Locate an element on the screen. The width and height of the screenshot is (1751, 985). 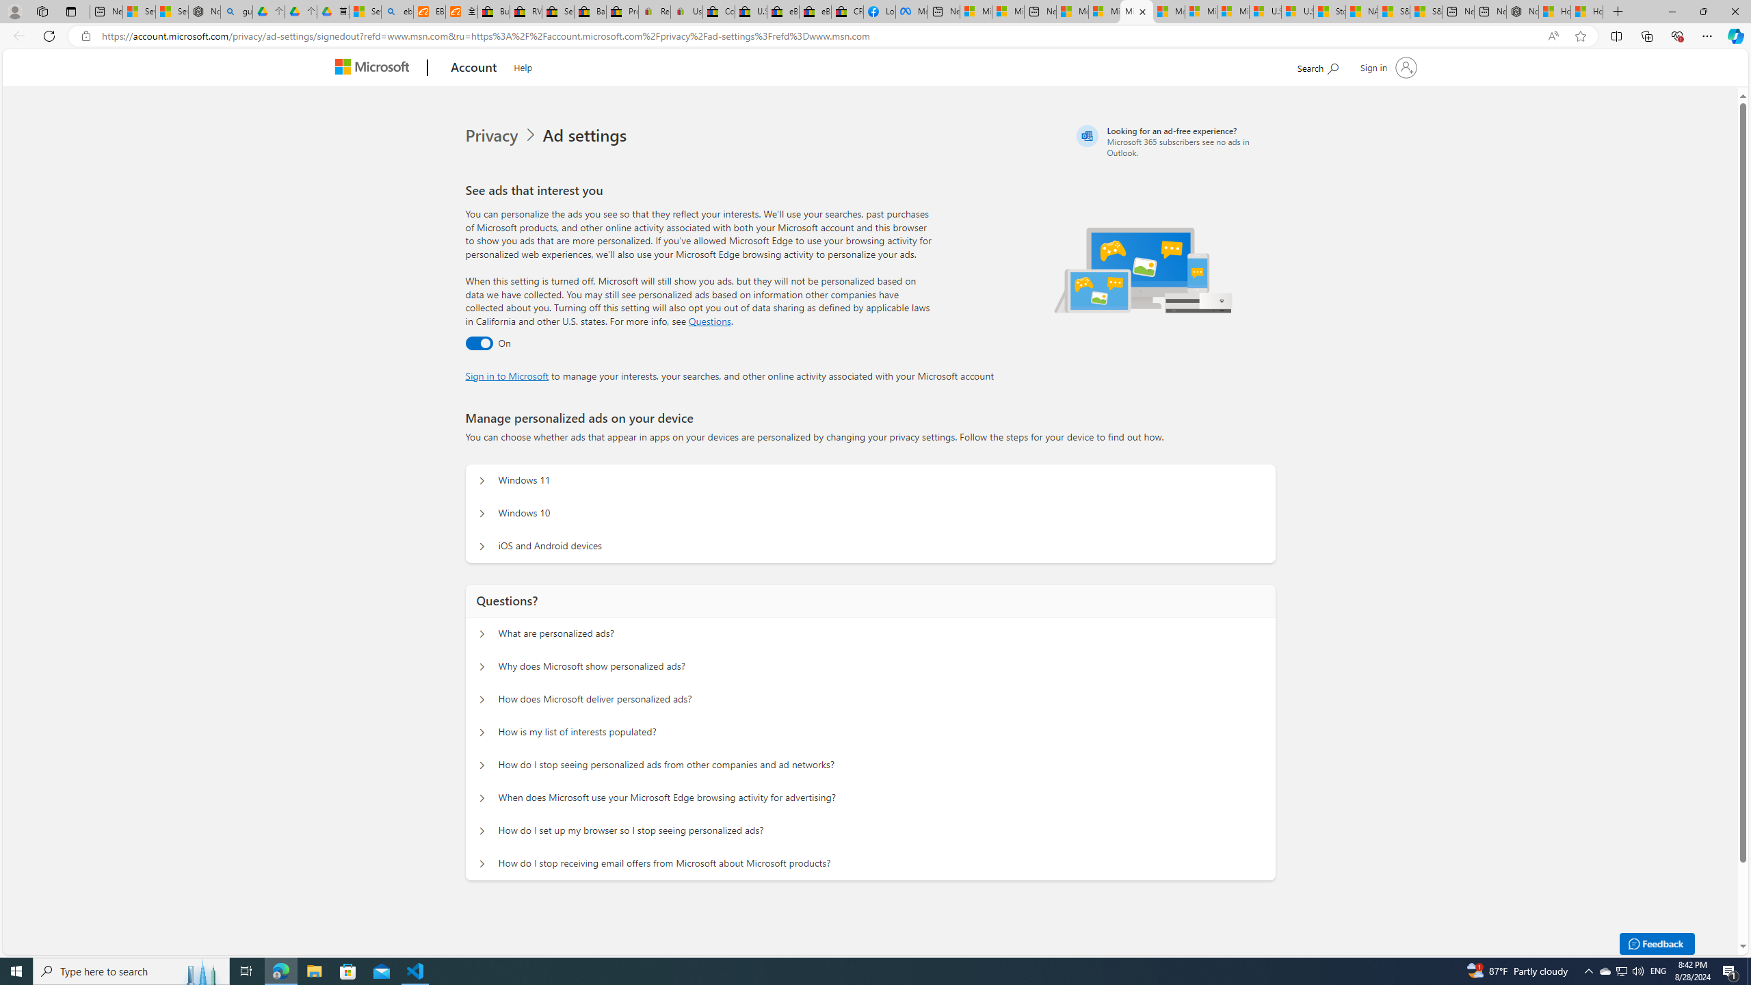
'Search Microsoft.com' is located at coordinates (1317, 66).